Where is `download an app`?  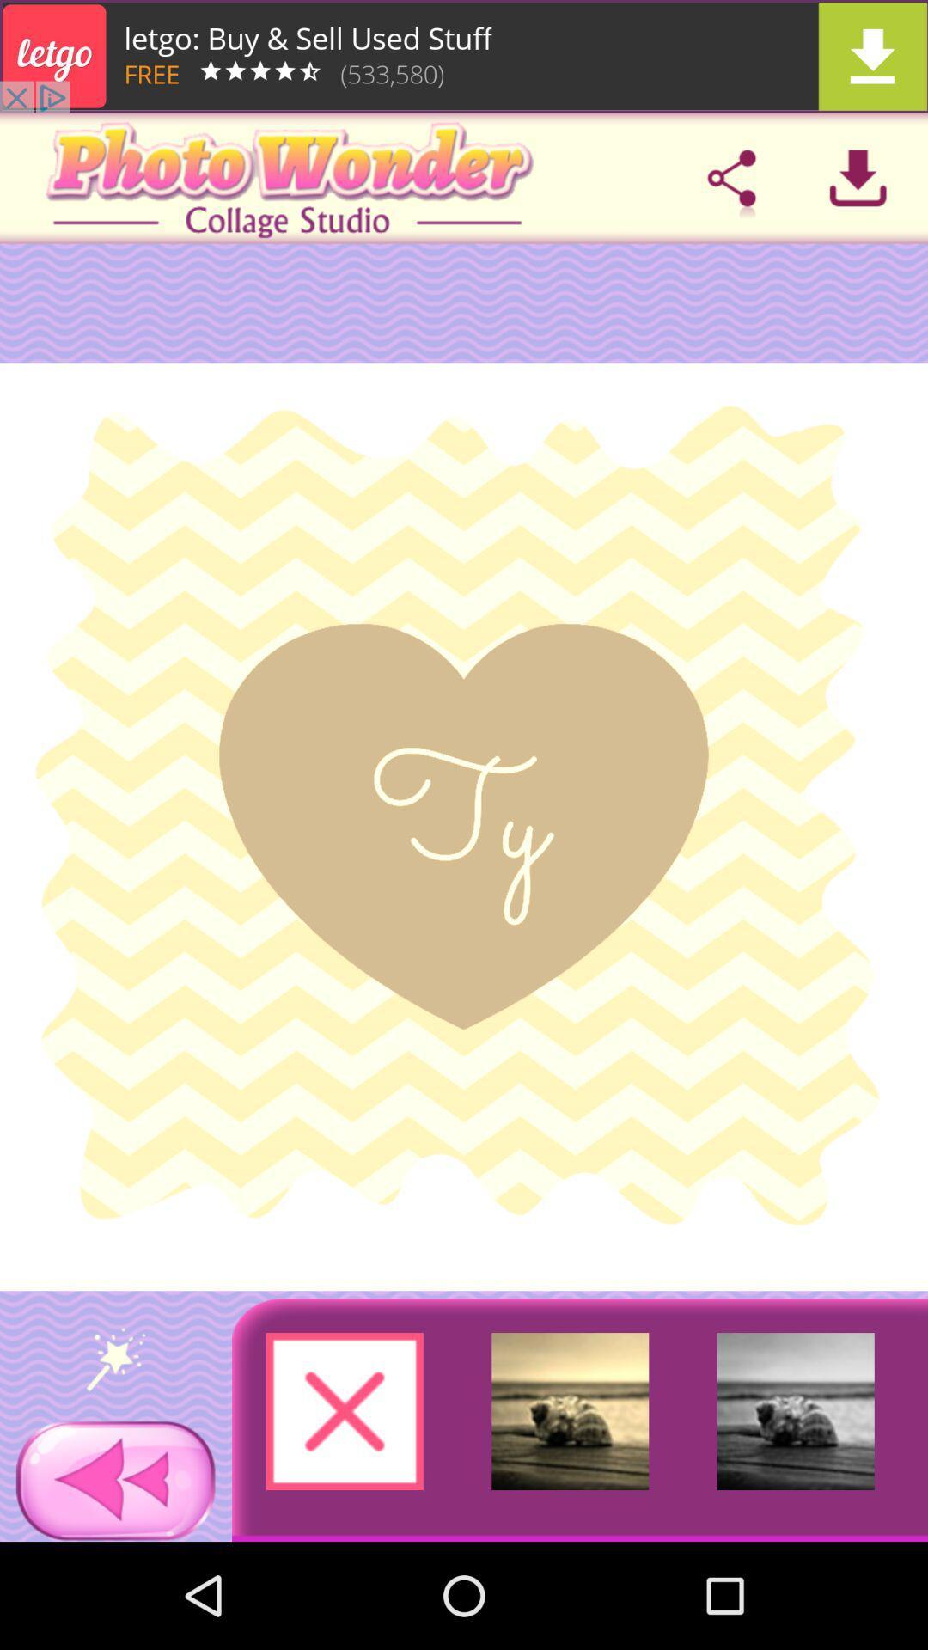 download an app is located at coordinates (858, 178).